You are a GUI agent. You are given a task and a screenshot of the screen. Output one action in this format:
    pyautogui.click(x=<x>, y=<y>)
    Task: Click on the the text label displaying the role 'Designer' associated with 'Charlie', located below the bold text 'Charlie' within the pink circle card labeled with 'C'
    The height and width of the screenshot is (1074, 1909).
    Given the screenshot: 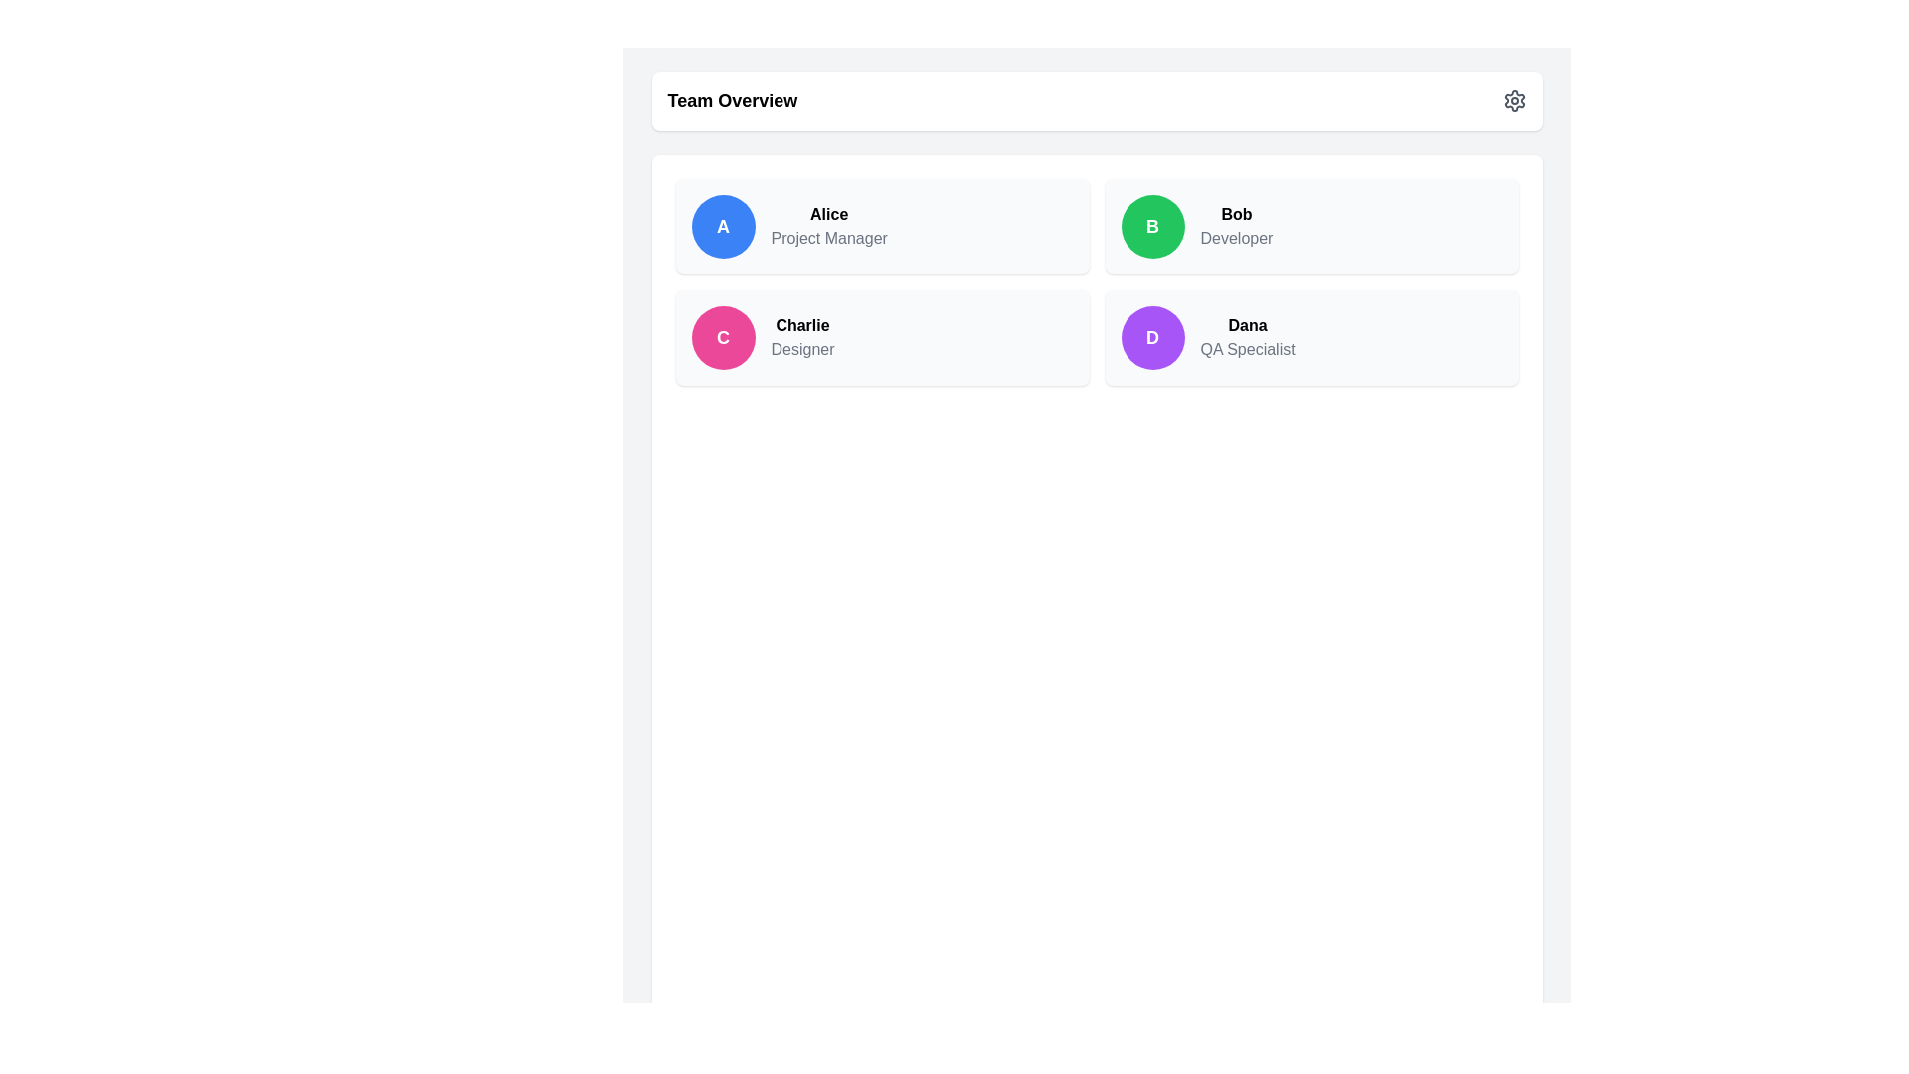 What is the action you would take?
    pyautogui.click(x=802, y=348)
    